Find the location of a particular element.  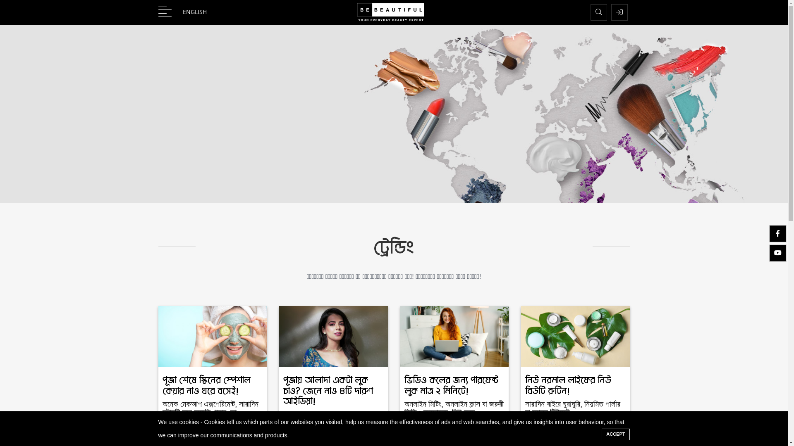

'Search' is located at coordinates (590, 12).